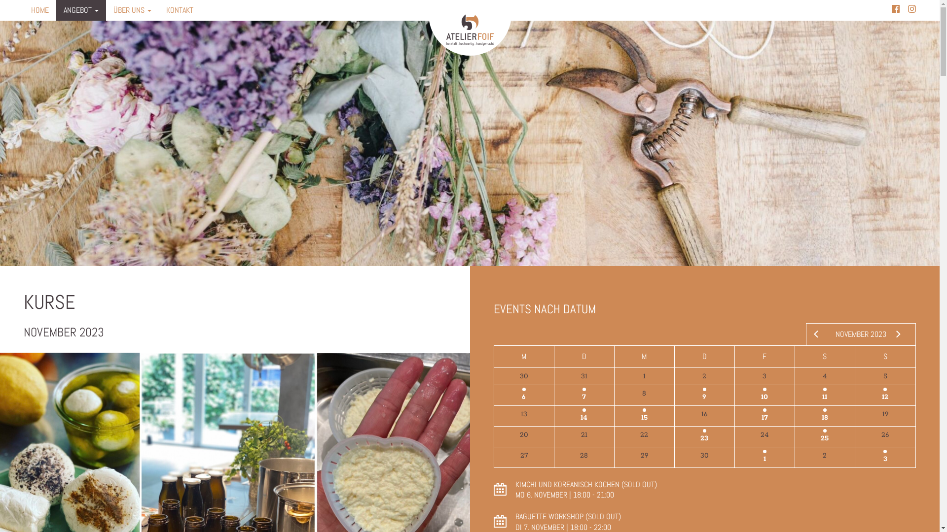 The width and height of the screenshot is (947, 532). Describe the element at coordinates (764, 395) in the screenshot. I see `'1 VERANSTALTUNG,` at that location.